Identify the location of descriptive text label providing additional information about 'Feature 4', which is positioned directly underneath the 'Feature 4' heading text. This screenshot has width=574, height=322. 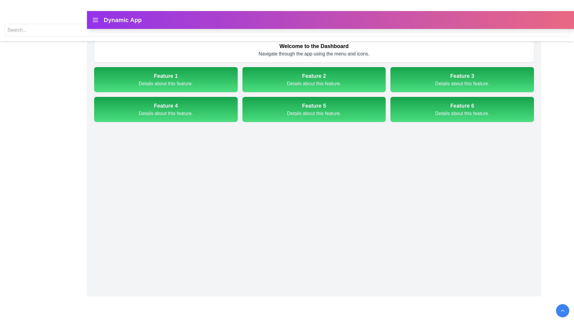
(166, 114).